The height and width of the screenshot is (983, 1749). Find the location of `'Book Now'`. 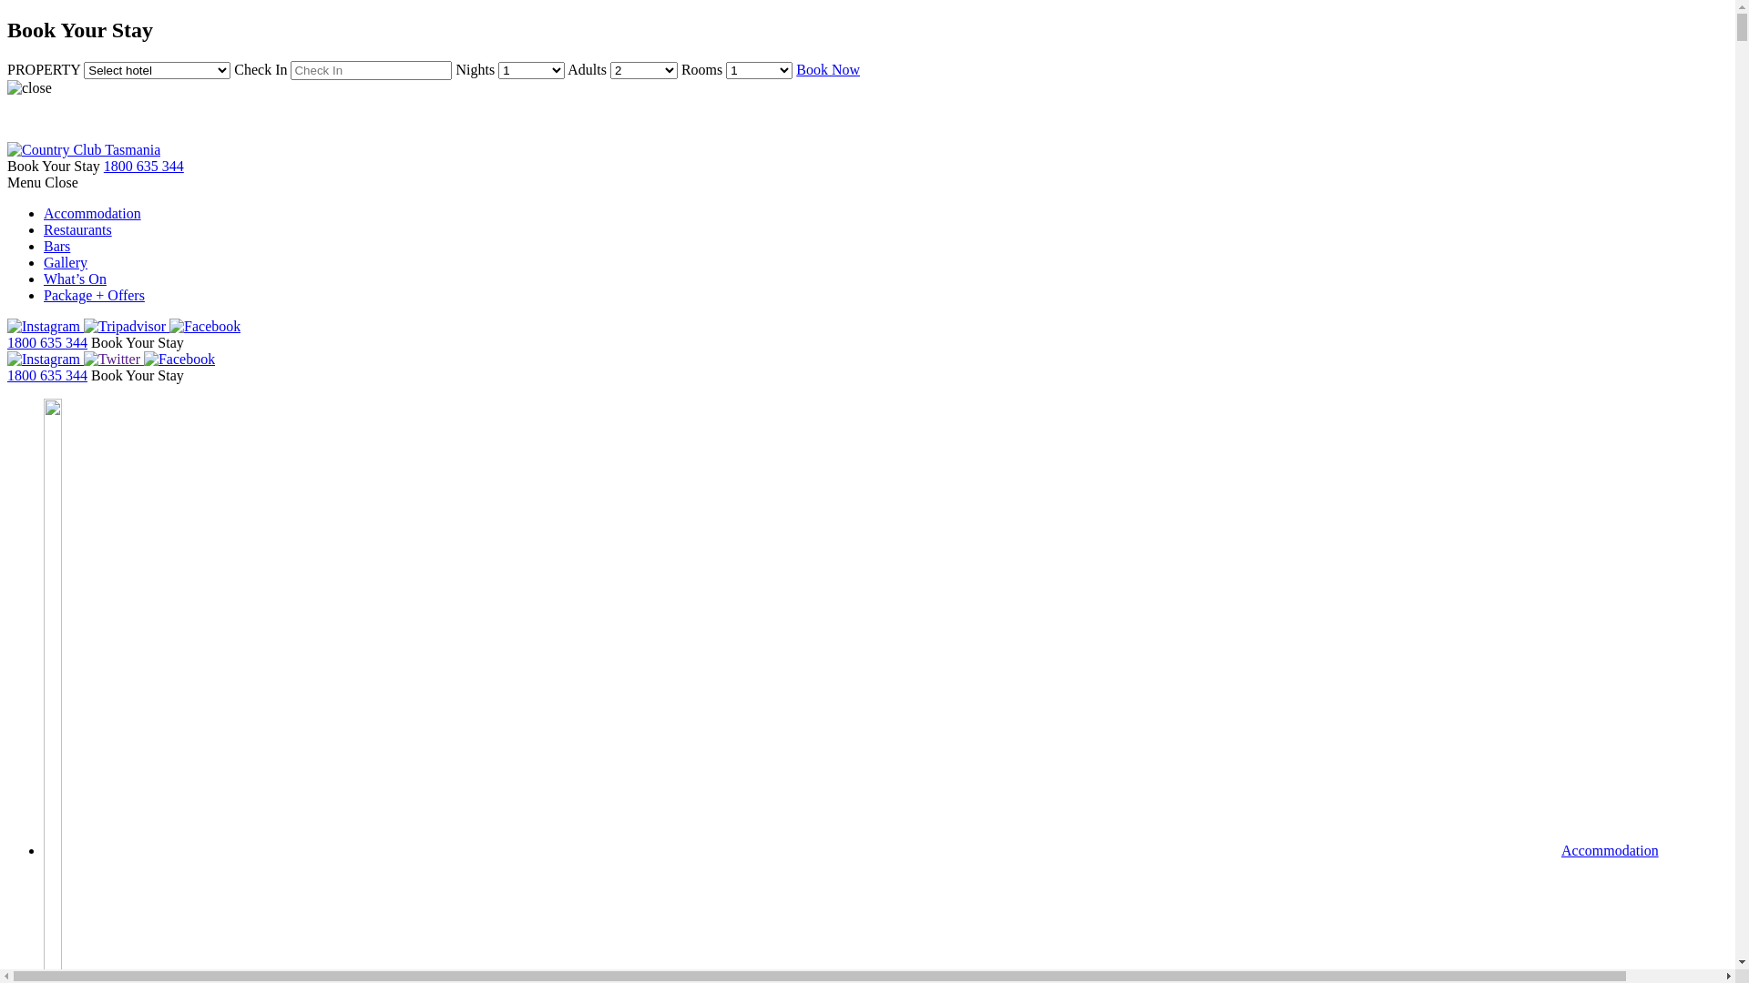

'Book Now' is located at coordinates (826, 68).